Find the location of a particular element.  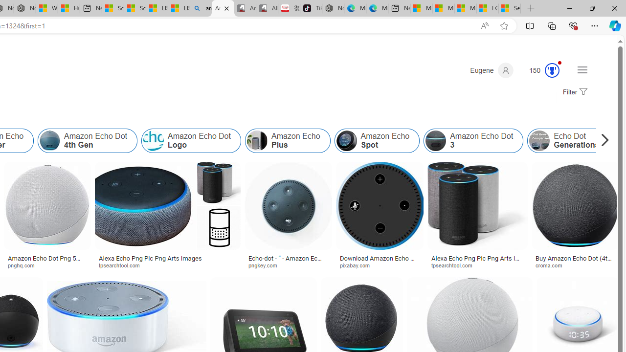

'Microsoft account | Privacy' is located at coordinates (443, 8).